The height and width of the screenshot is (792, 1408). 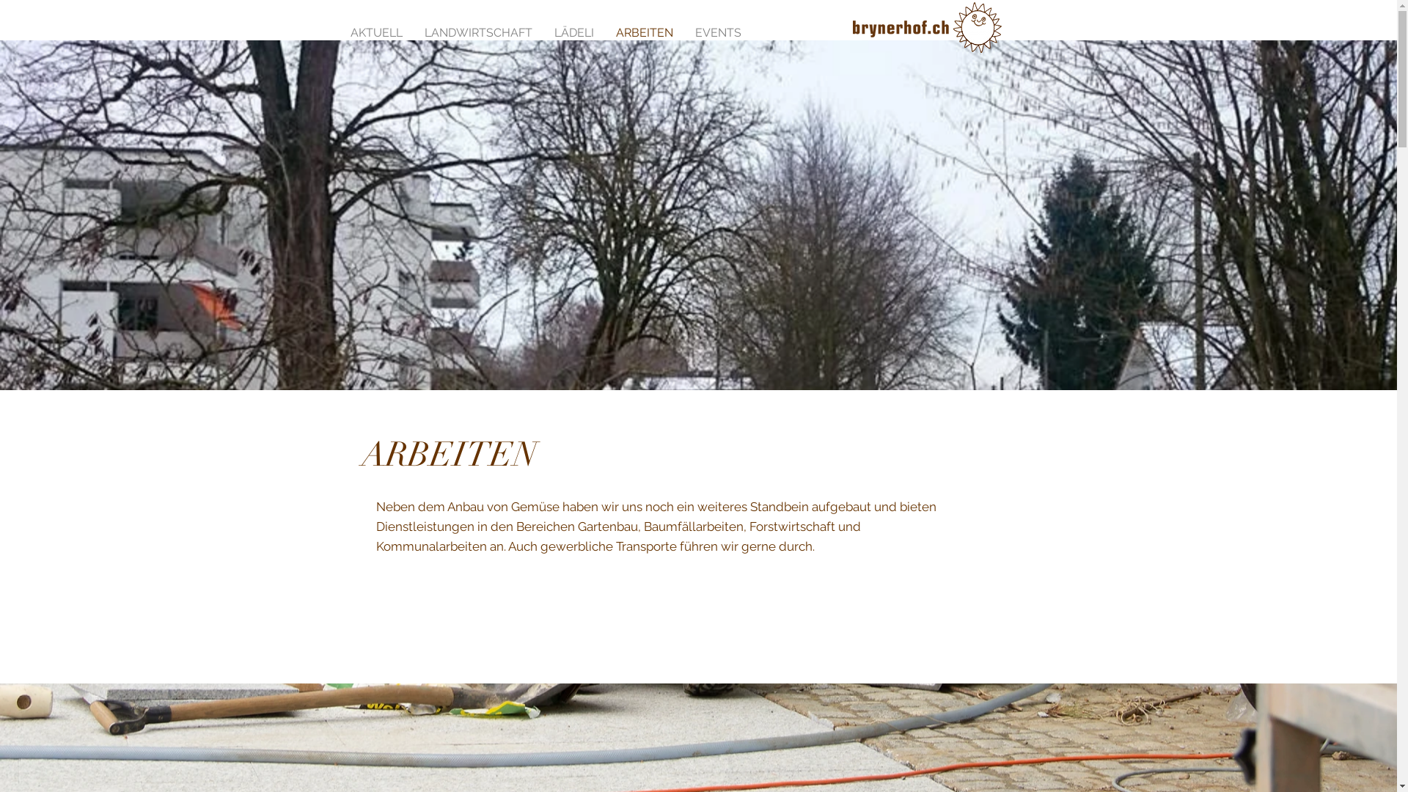 What do you see at coordinates (375, 31) in the screenshot?
I see `'AKTUELL'` at bounding box center [375, 31].